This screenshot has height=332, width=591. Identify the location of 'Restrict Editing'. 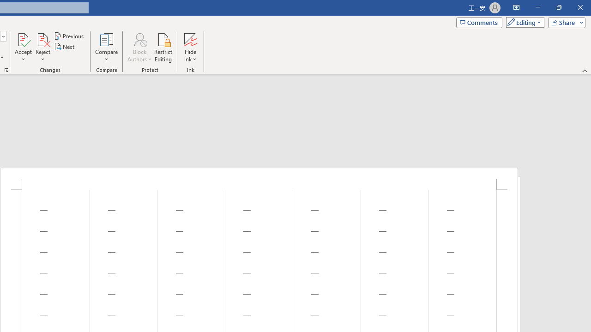
(163, 47).